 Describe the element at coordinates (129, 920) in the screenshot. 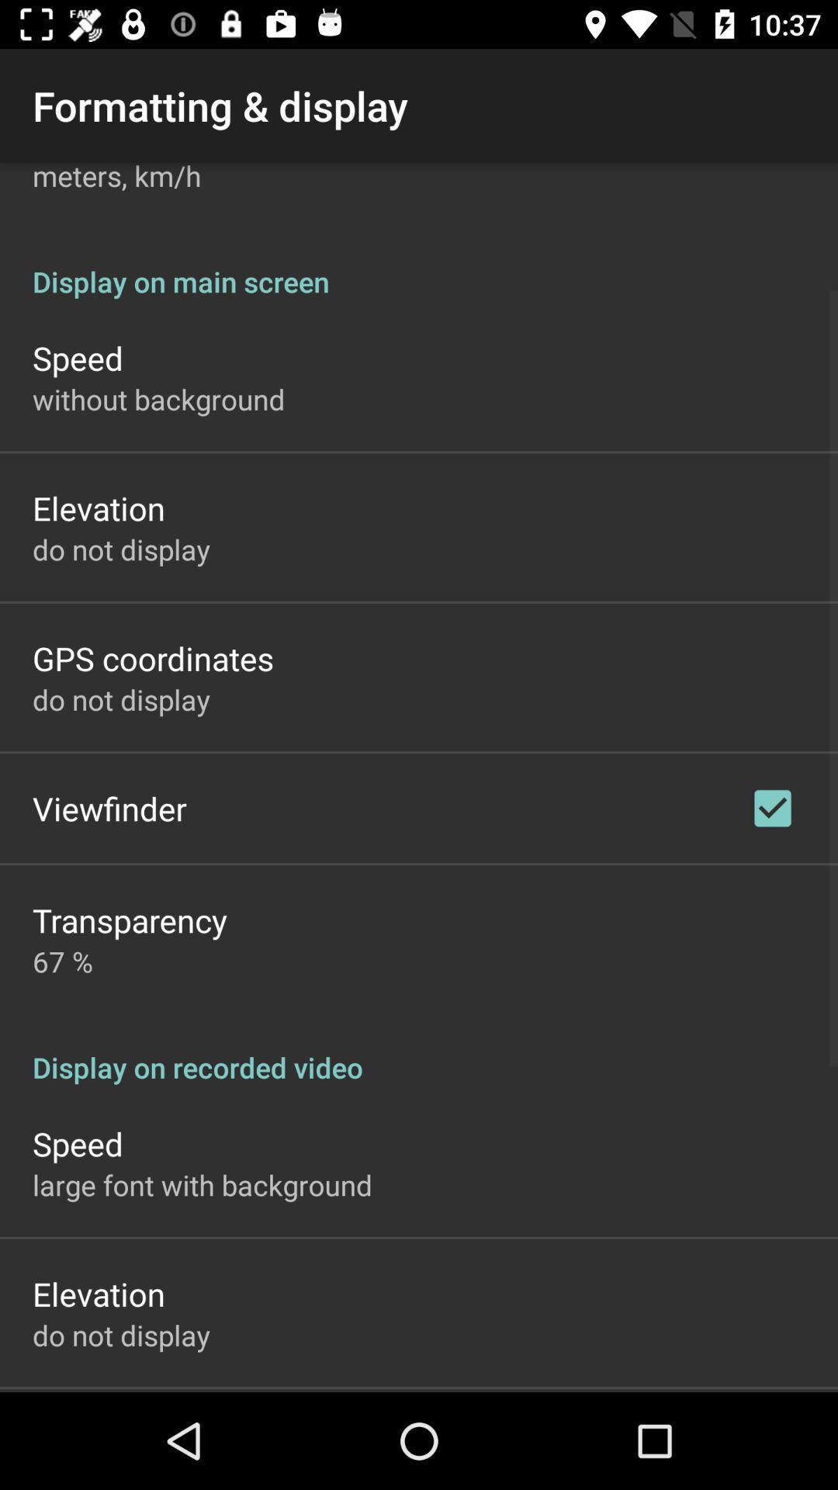

I see `the transparency icon` at that location.